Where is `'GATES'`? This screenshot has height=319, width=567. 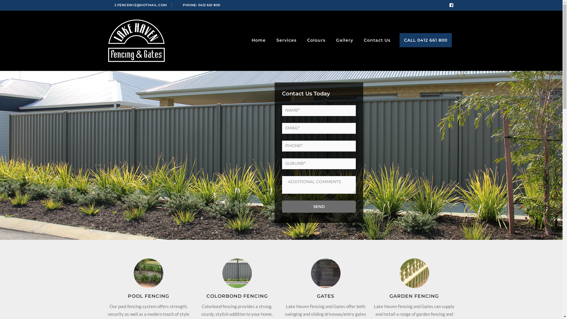
'GATES' is located at coordinates (325, 296).